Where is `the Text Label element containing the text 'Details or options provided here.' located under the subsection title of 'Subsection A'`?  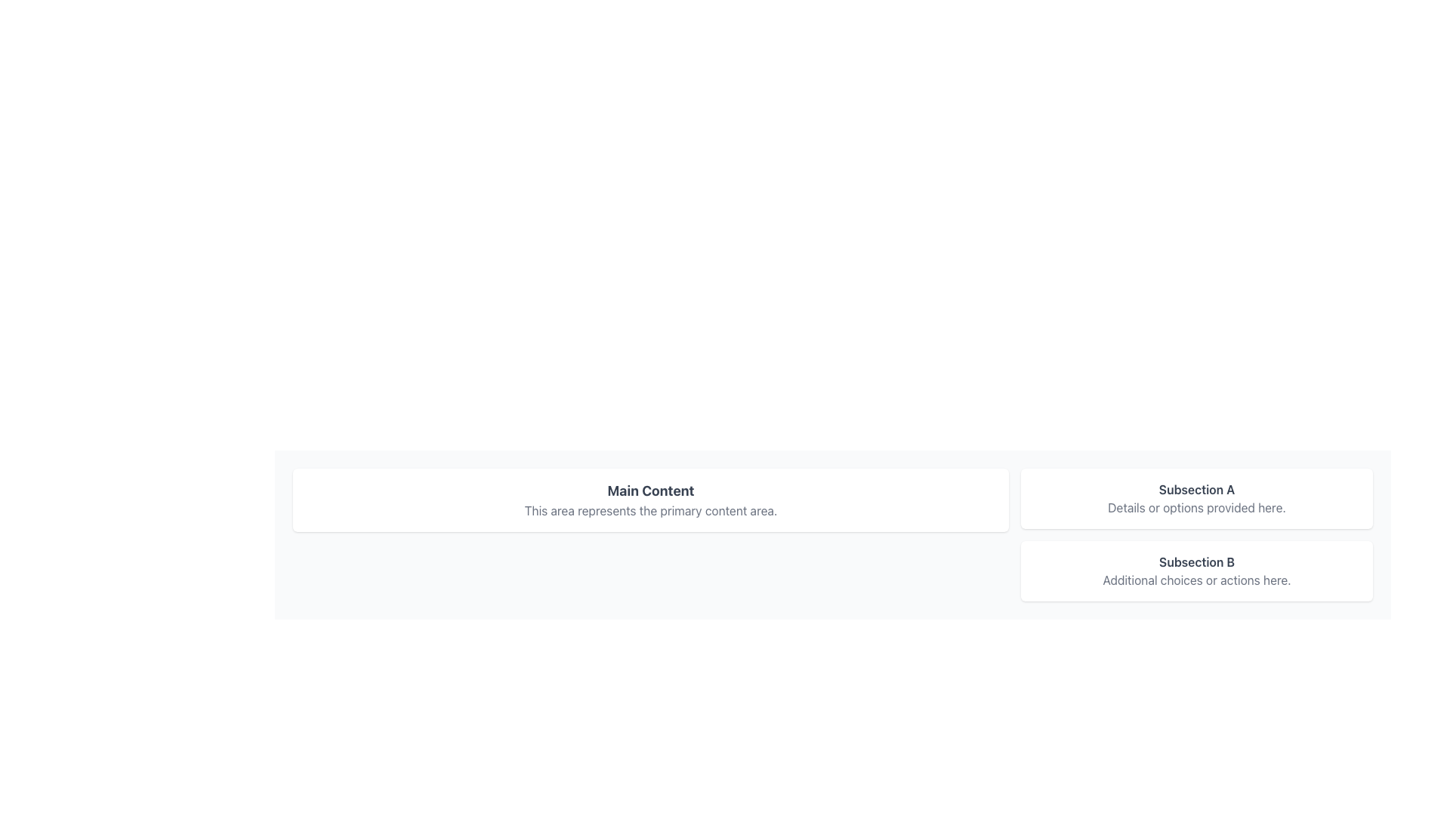
the Text Label element containing the text 'Details or options provided here.' located under the subsection title of 'Subsection A' is located at coordinates (1195, 507).